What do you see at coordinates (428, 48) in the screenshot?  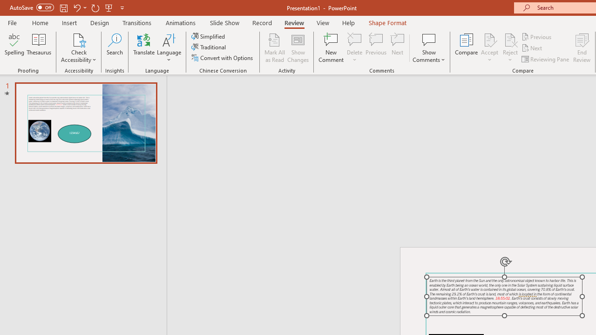 I see `'Show Comments'` at bounding box center [428, 48].